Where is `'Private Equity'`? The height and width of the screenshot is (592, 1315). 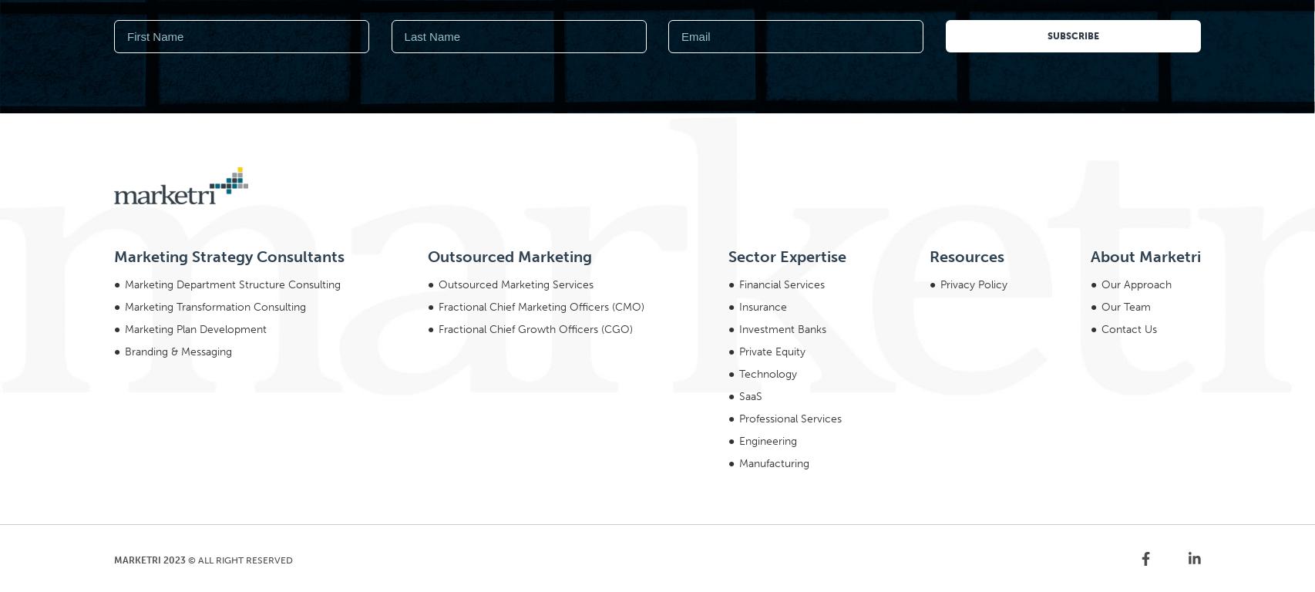
'Private Equity' is located at coordinates (772, 141).